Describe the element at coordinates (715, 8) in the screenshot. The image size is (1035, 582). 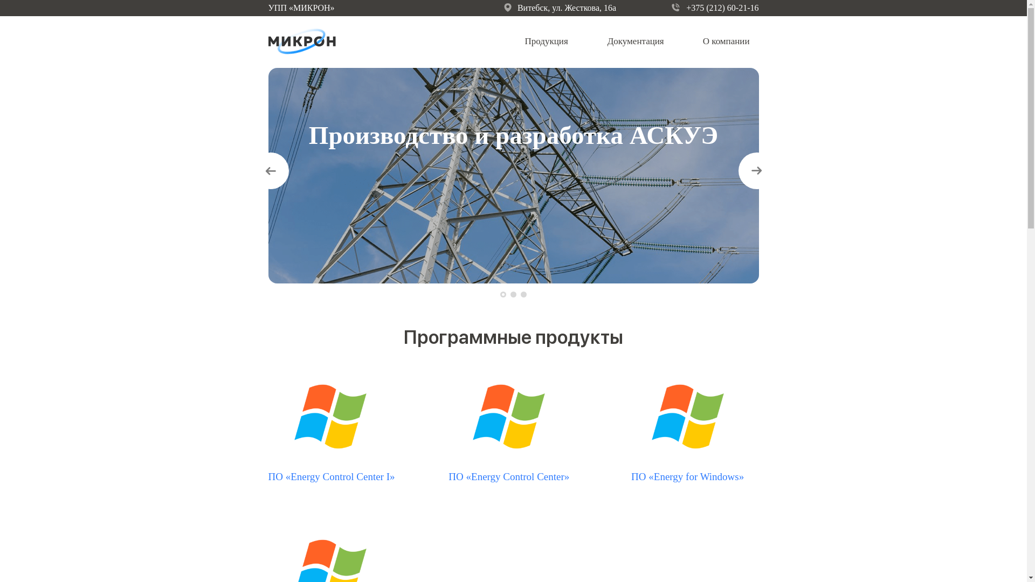
I see `'+375 (212) 60-21-16'` at that location.